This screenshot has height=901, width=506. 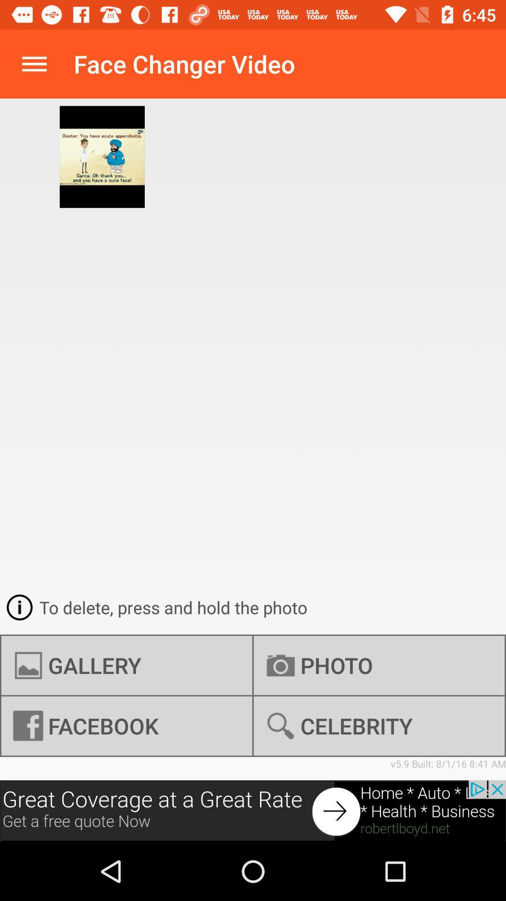 I want to click on item below gallery icon, so click(x=379, y=725).